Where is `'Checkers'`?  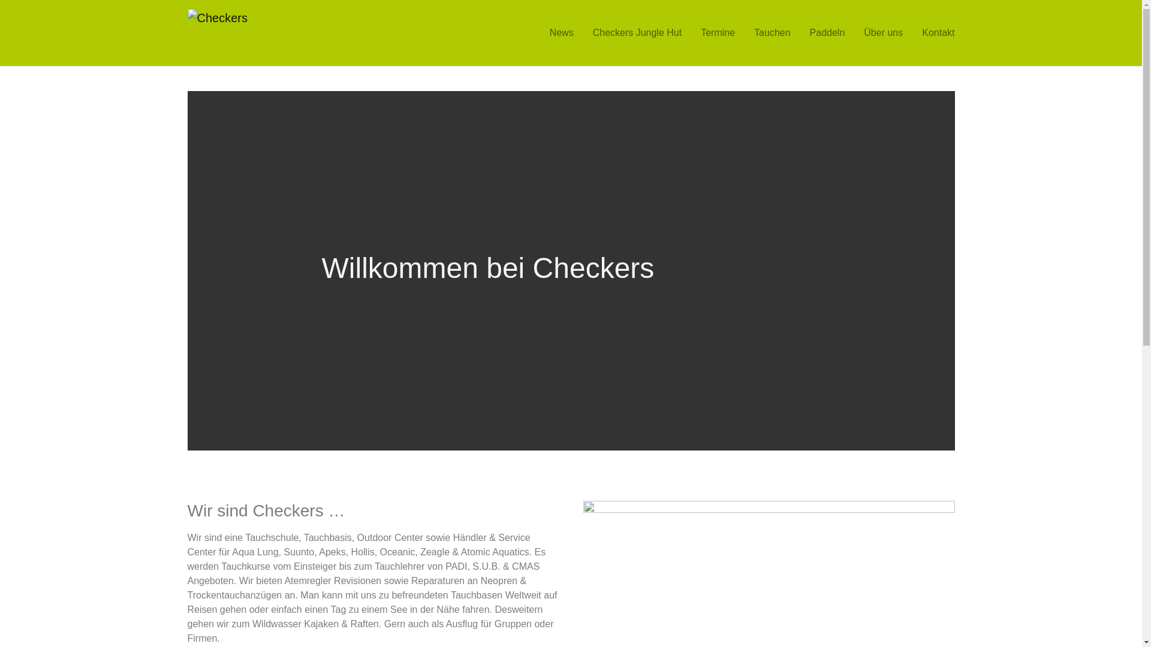
'Checkers' is located at coordinates (186, 32).